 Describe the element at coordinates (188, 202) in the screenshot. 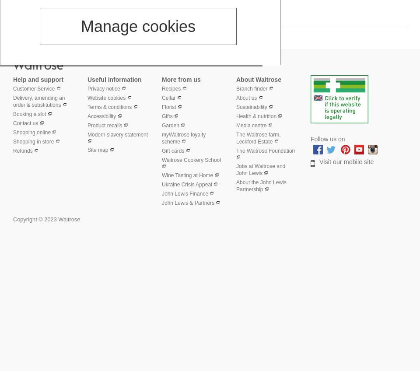

I see `'John Lewis & Partners'` at that location.